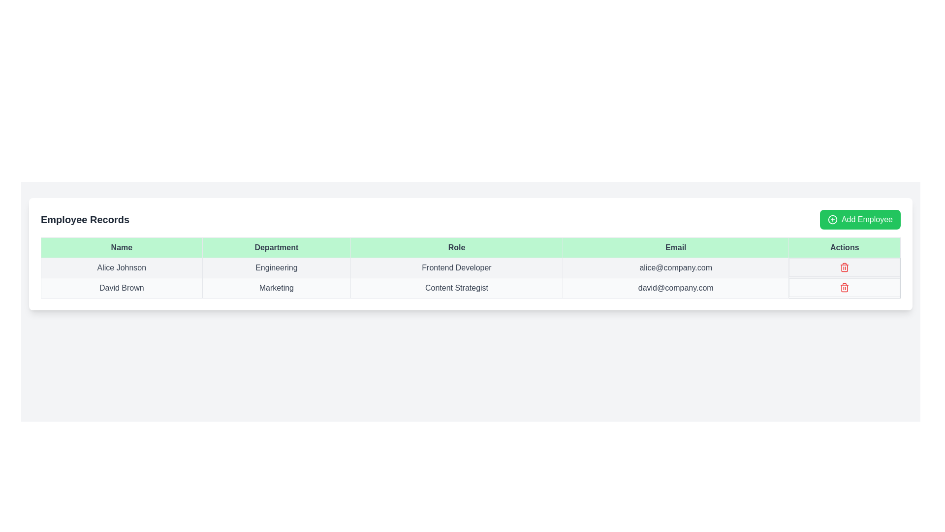 The width and height of the screenshot is (945, 532). Describe the element at coordinates (832, 219) in the screenshot. I see `the circular icon with a plus sign located within the green 'Add Employee' button on the top-right side of the employee table interface` at that location.